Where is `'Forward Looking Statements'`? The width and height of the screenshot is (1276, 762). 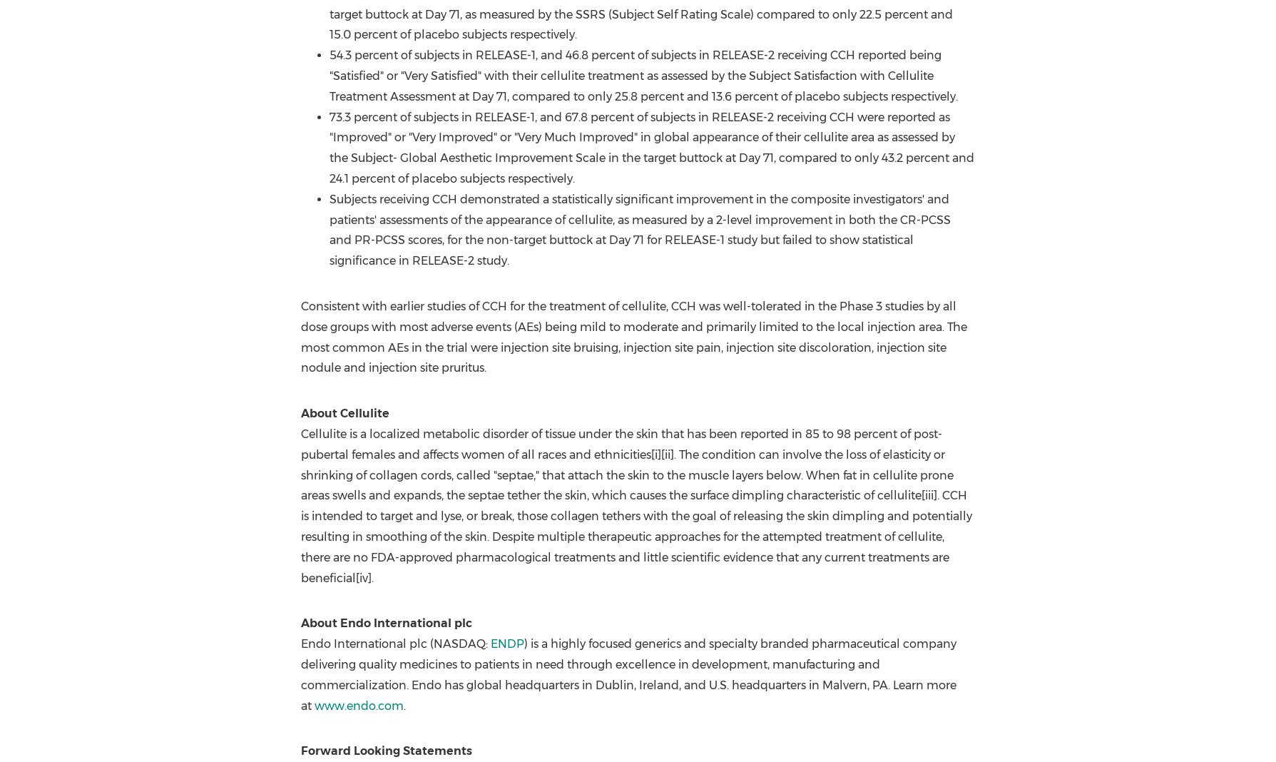 'Forward Looking Statements' is located at coordinates (386, 751).